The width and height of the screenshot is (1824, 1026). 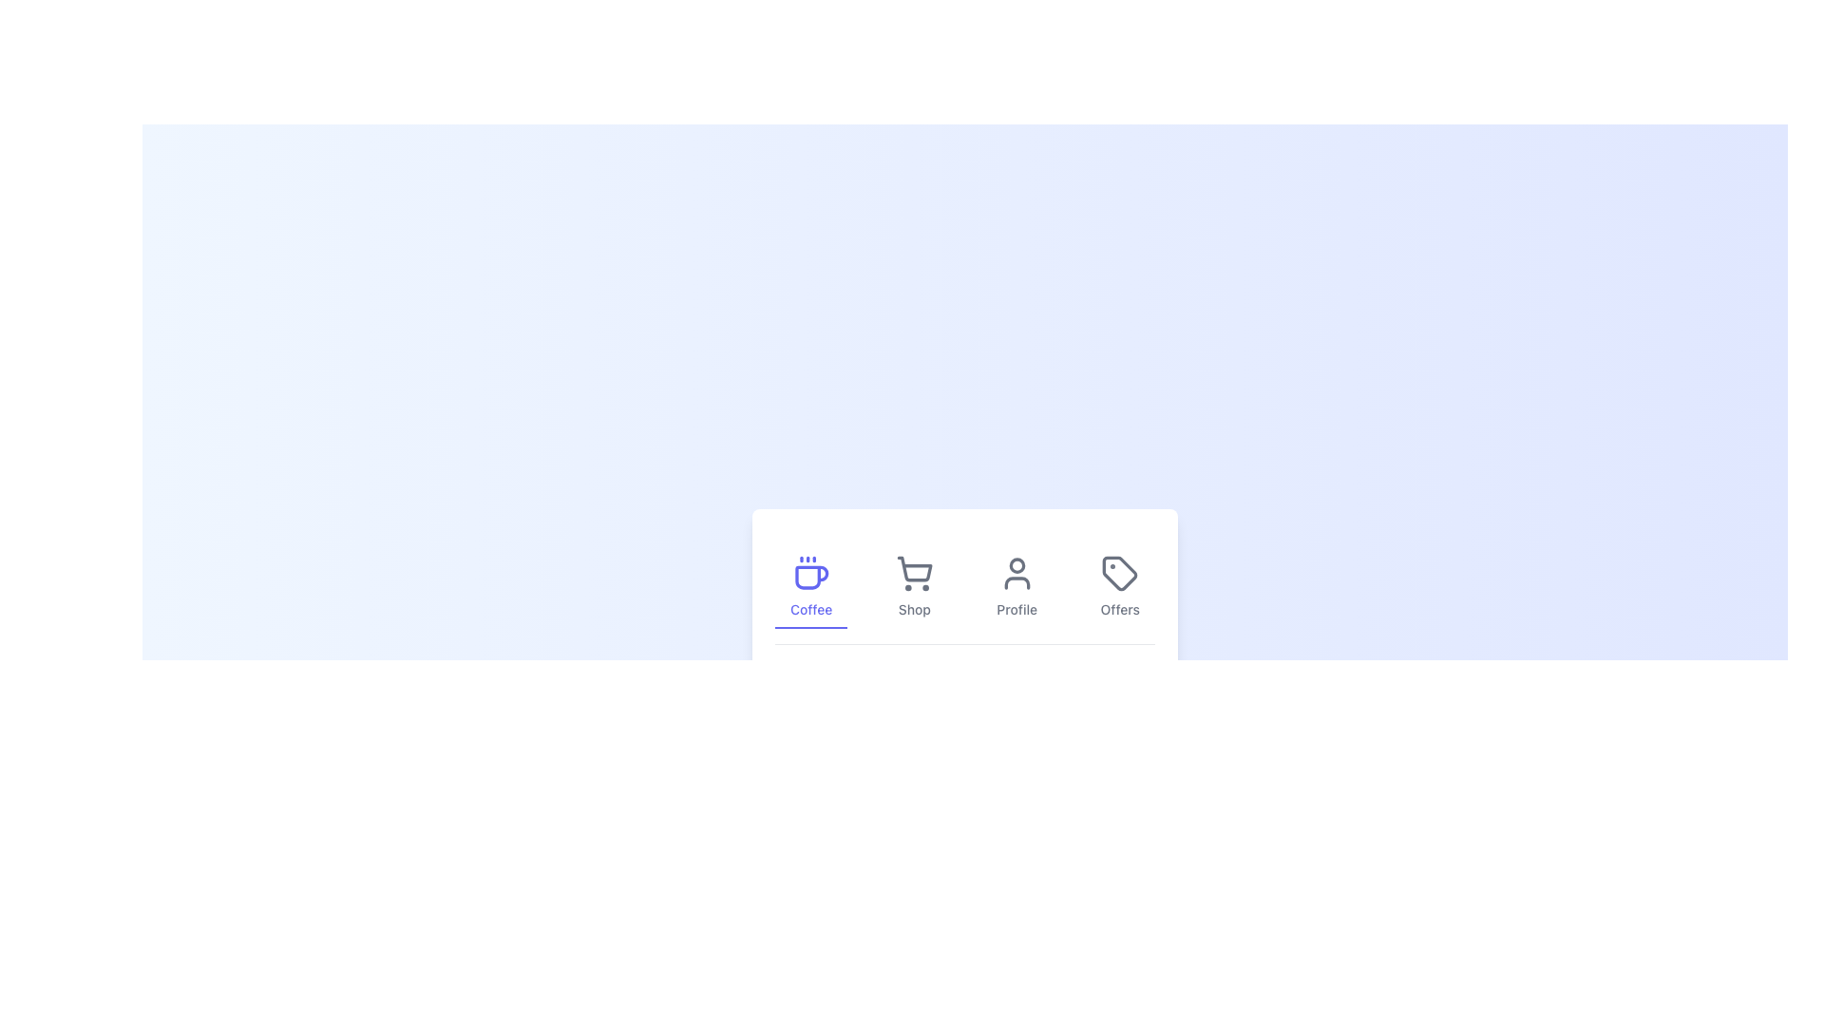 What do you see at coordinates (914, 567) in the screenshot?
I see `the shopping cart icon located in the bottom central navigation bar, which is the second icon from the left` at bounding box center [914, 567].